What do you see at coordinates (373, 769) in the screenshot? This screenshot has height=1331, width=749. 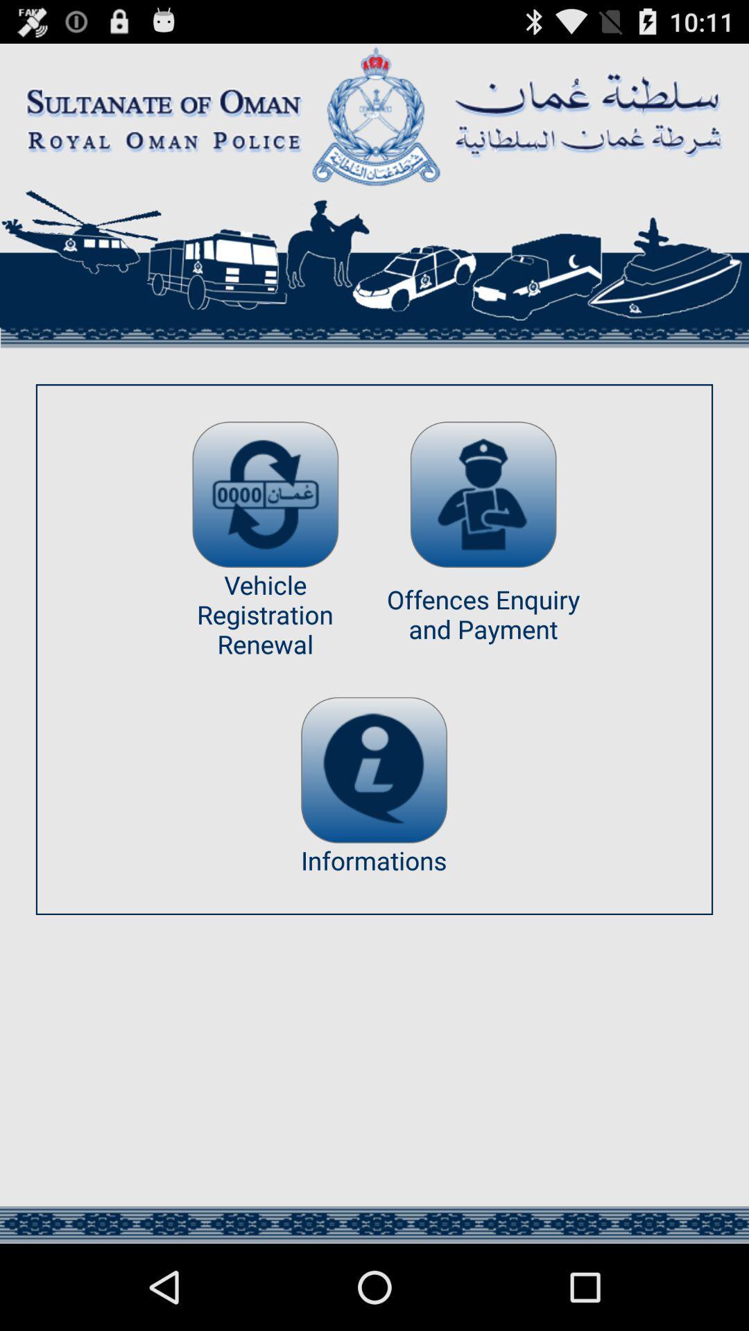 I see `more information` at bounding box center [373, 769].